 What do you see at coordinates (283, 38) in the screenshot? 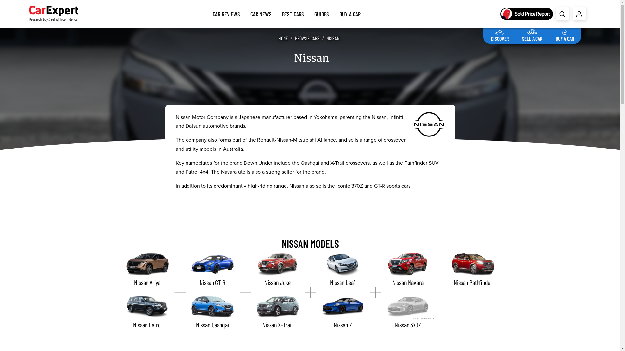
I see `'HOME'` at bounding box center [283, 38].